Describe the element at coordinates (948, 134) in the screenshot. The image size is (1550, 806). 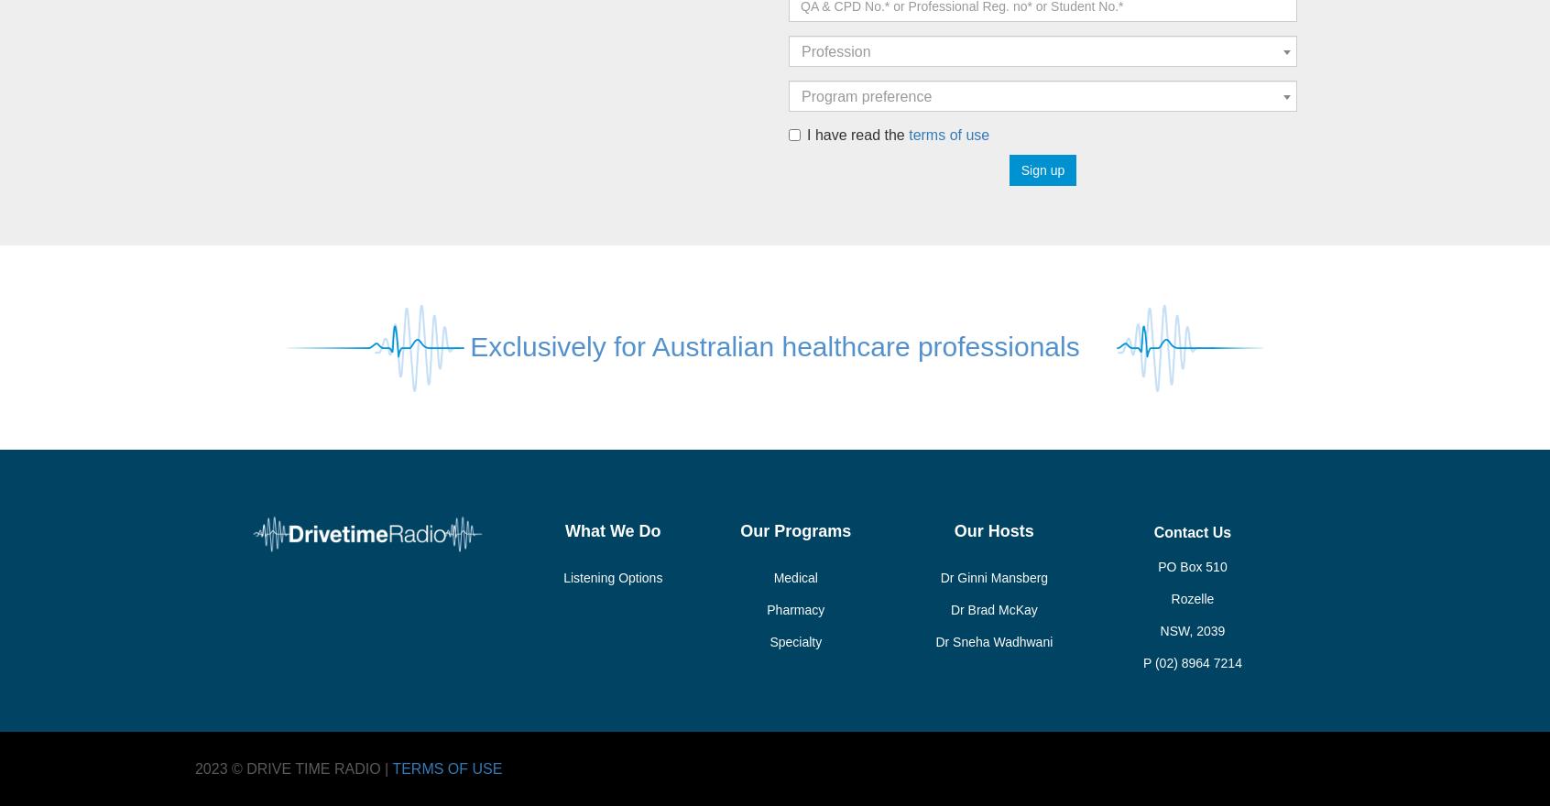
I see `'terms of use'` at that location.